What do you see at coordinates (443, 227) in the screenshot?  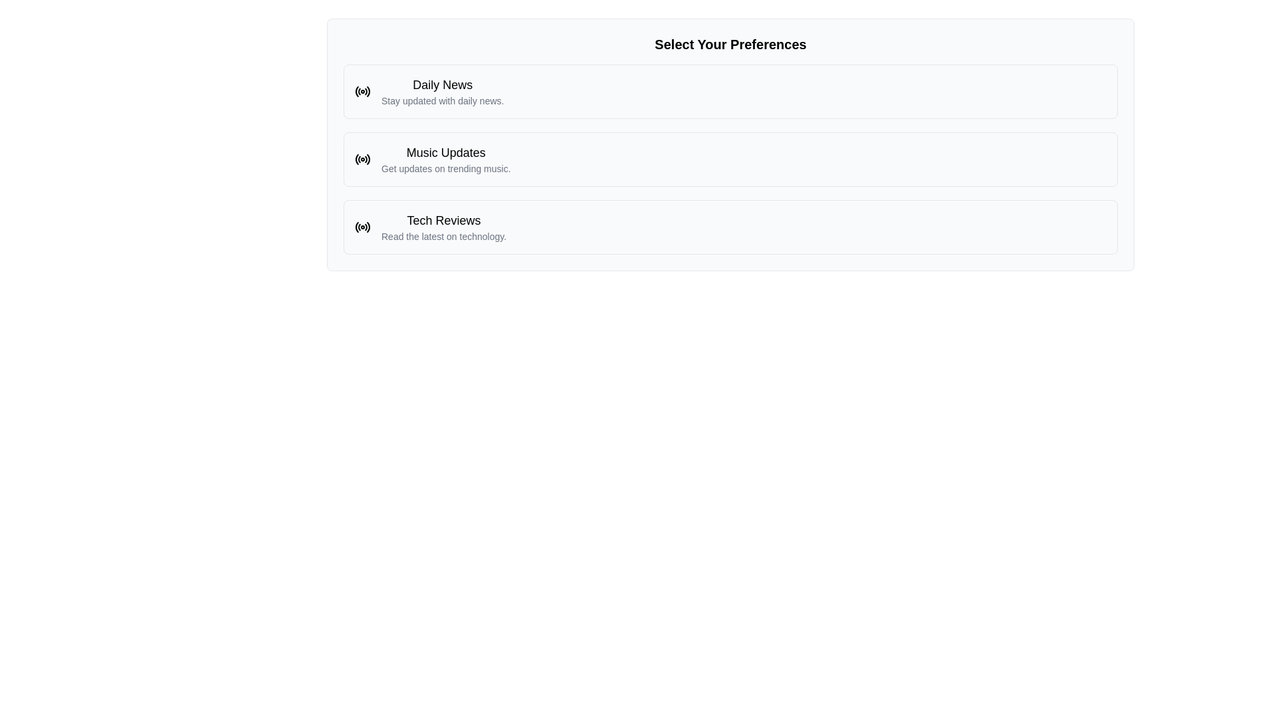 I see `the 'Tech Reviews' option entry element, which is the third in a vertical list below 'Daily News' and 'Music Updates'` at bounding box center [443, 227].